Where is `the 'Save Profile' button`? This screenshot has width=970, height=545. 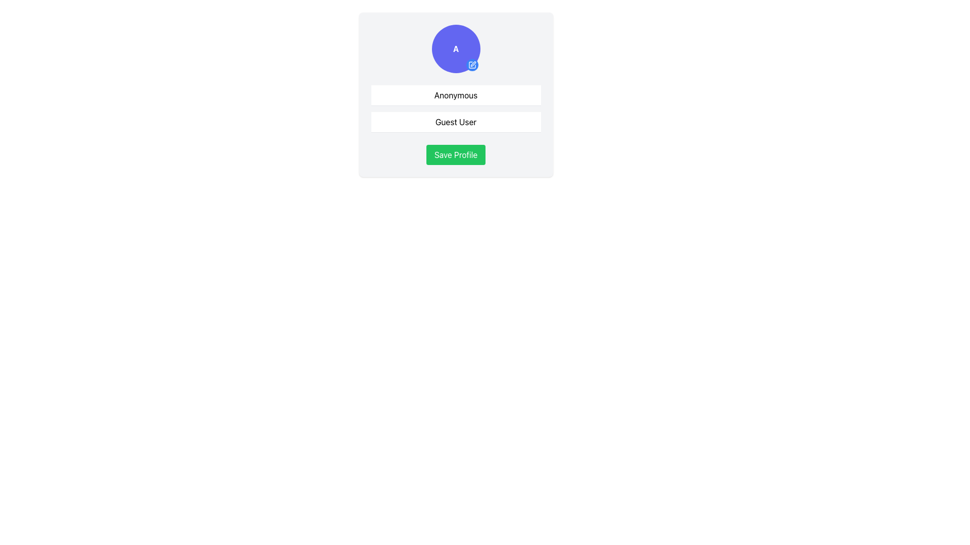 the 'Save Profile' button is located at coordinates (455, 155).